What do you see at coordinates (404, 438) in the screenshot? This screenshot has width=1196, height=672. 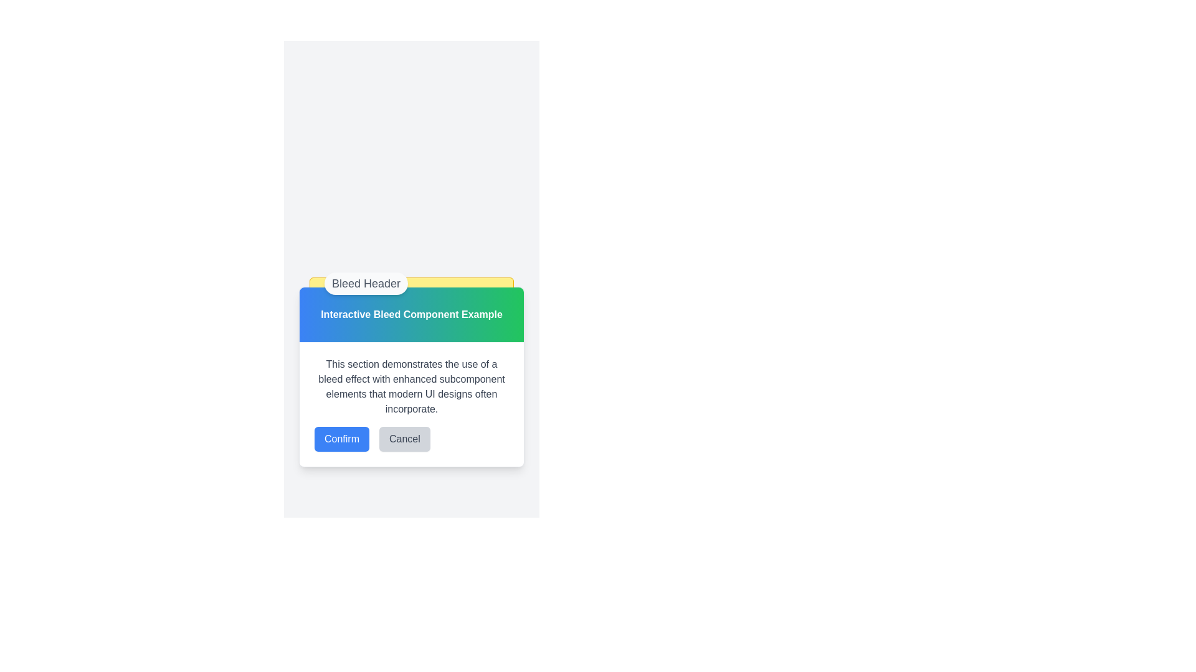 I see `the cancel button located in the lower section of the modal, to the right of the 'Confirm' button, to change its background color` at bounding box center [404, 438].